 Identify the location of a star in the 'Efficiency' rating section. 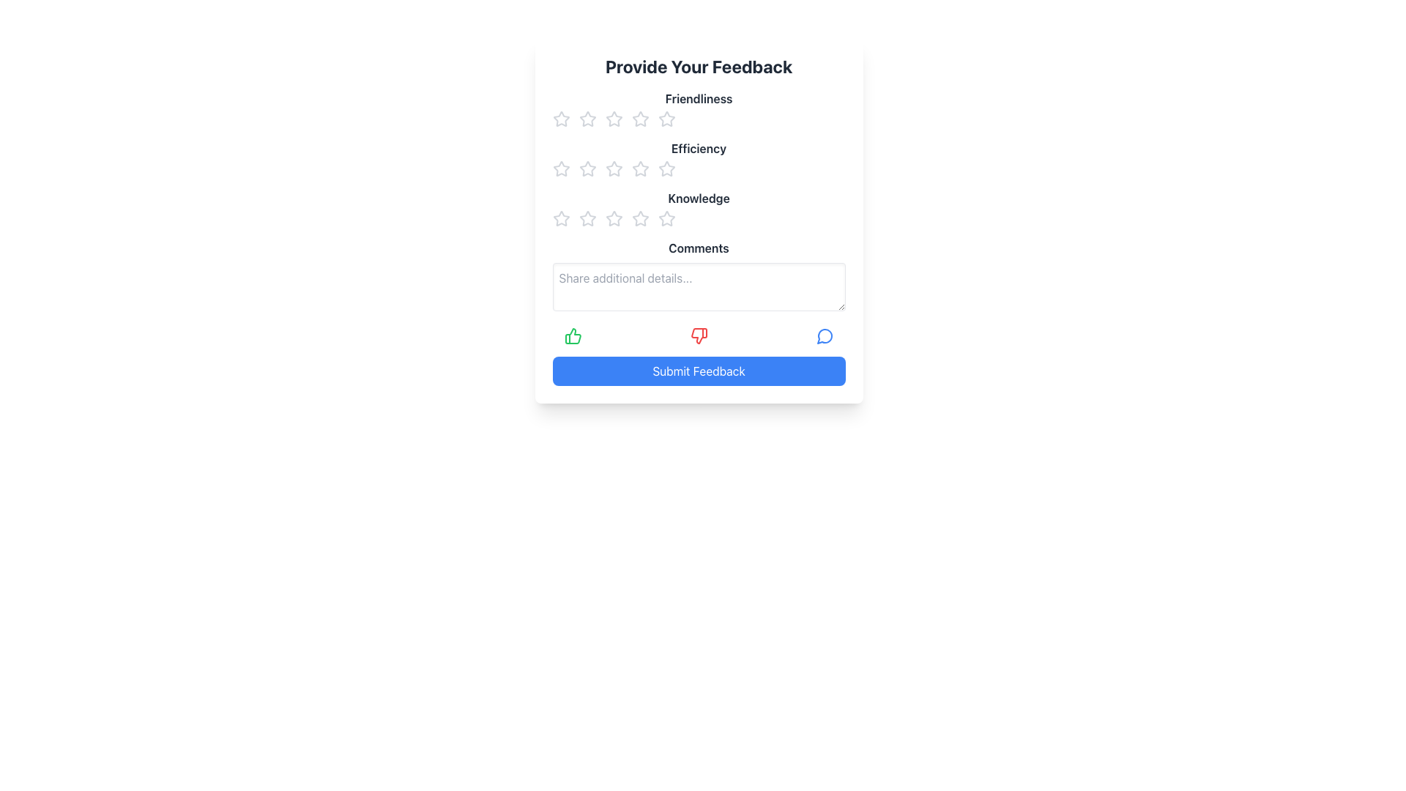
(698, 158).